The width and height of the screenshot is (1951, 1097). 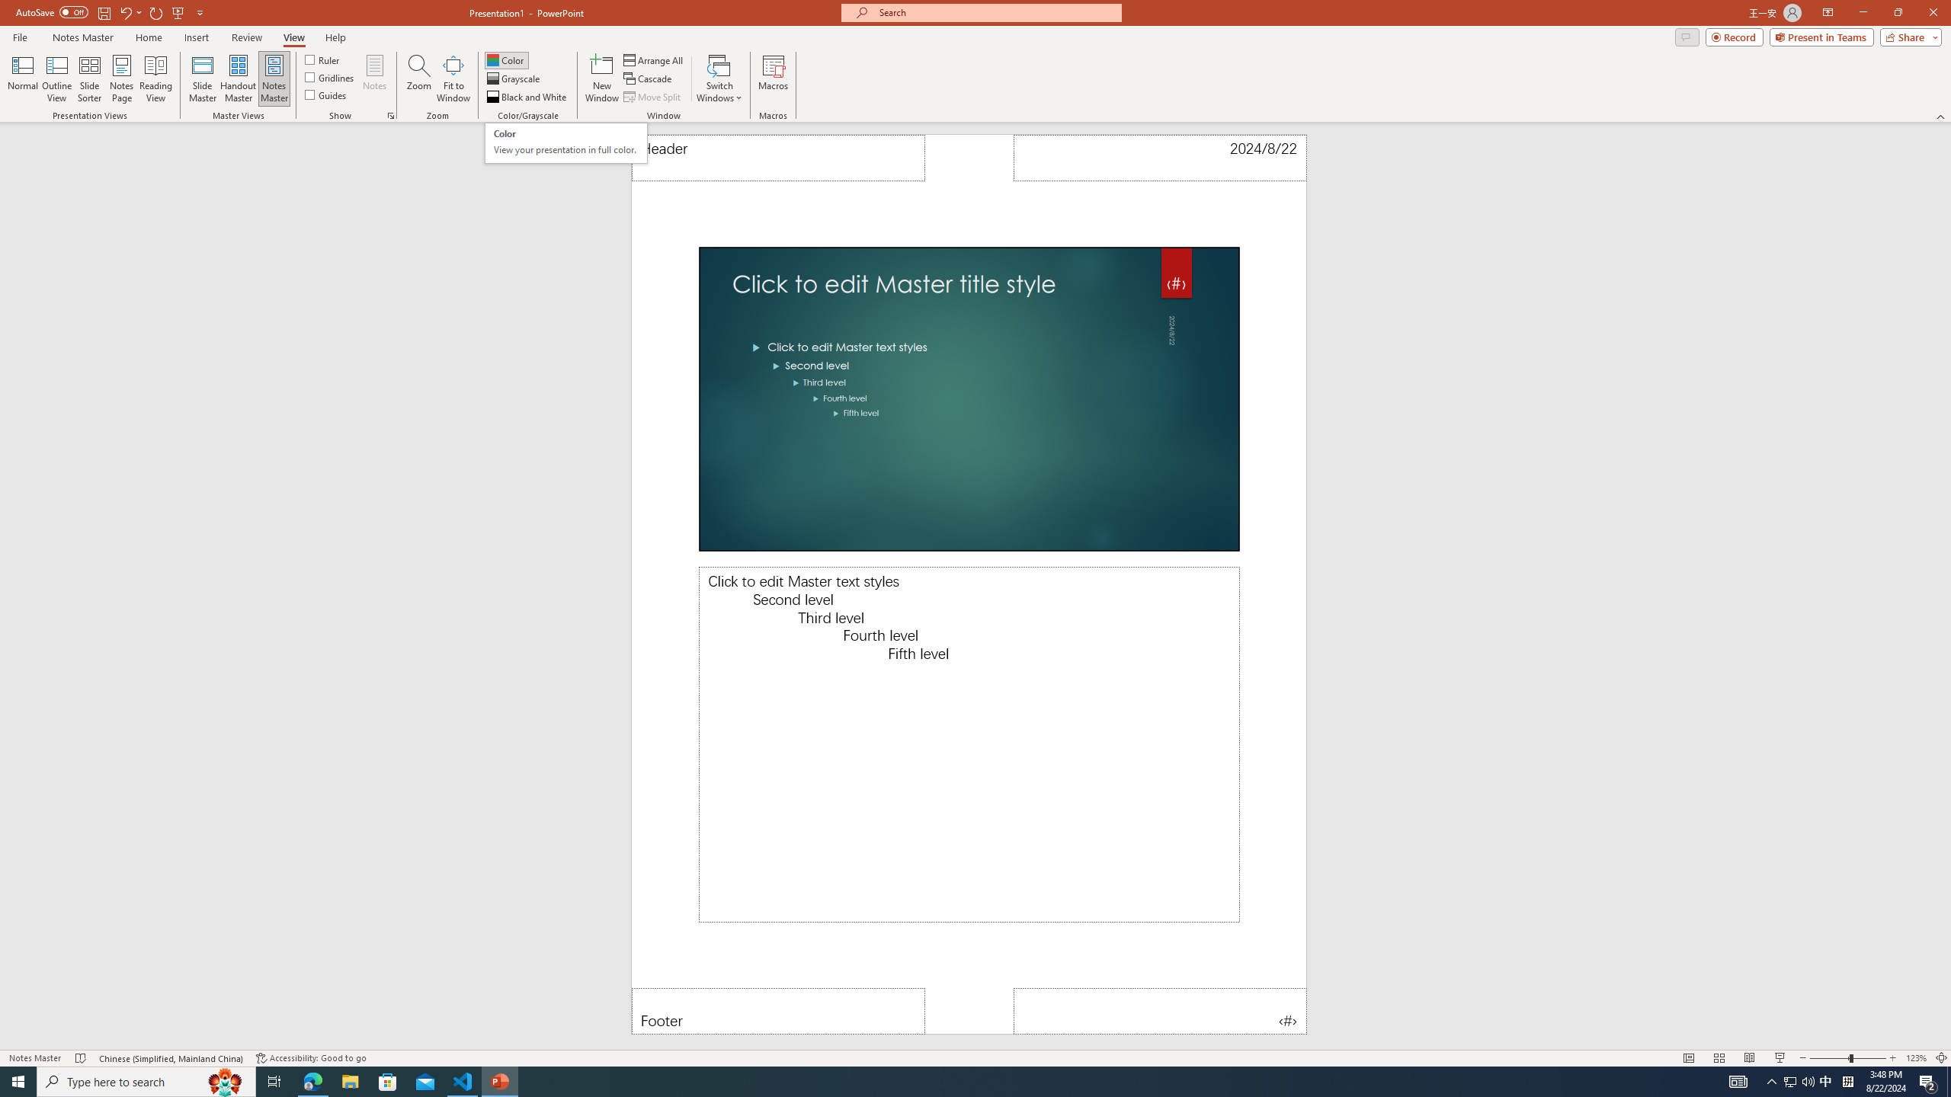 What do you see at coordinates (273, 78) in the screenshot?
I see `'Notes Master'` at bounding box center [273, 78].